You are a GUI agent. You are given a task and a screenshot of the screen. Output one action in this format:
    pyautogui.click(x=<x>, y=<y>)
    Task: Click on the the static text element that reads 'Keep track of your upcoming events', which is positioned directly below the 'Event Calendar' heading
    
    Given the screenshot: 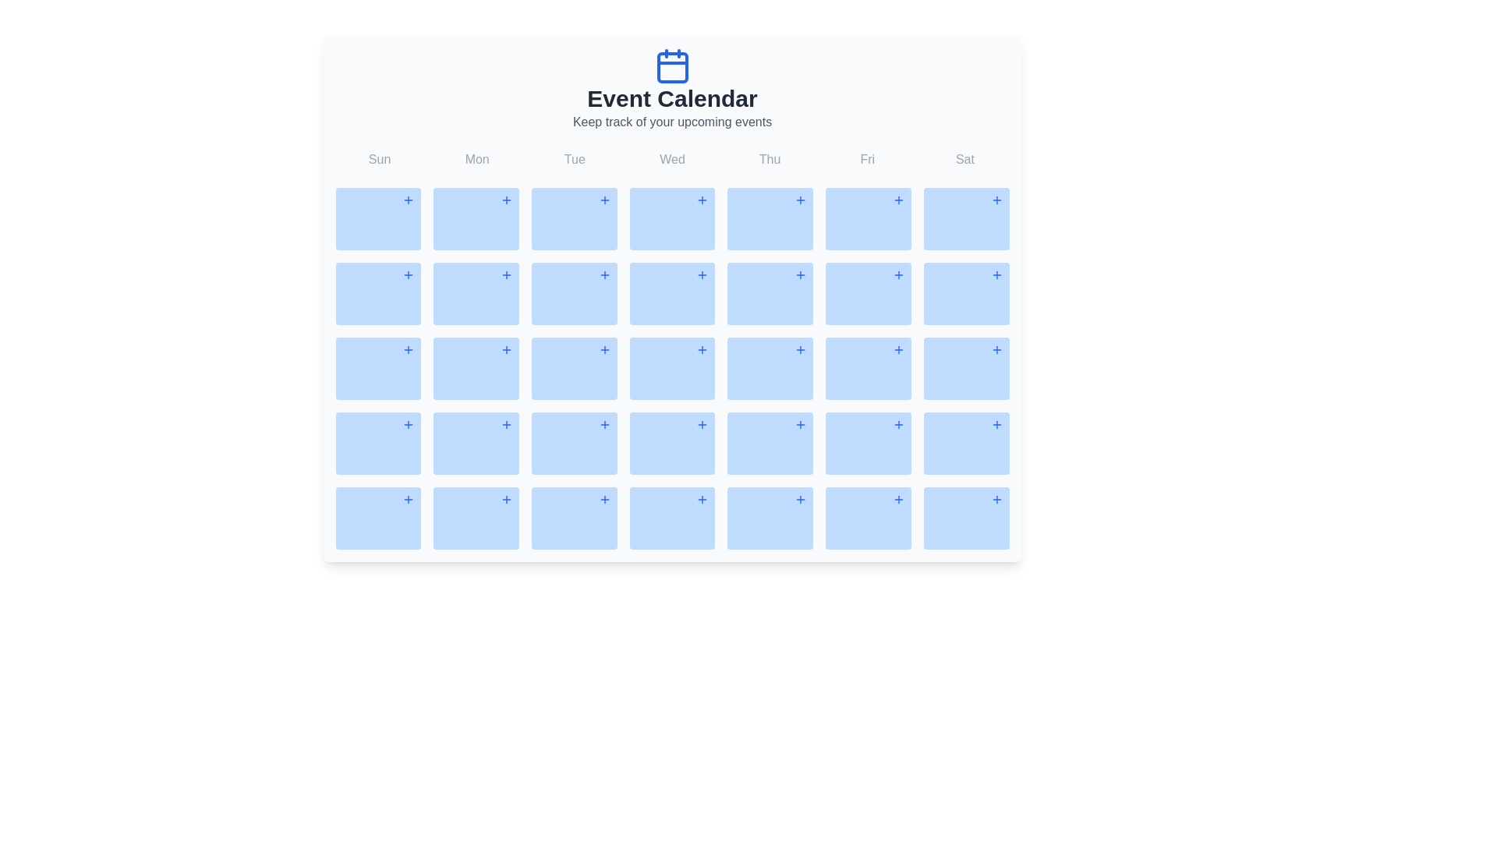 What is the action you would take?
    pyautogui.click(x=672, y=122)
    